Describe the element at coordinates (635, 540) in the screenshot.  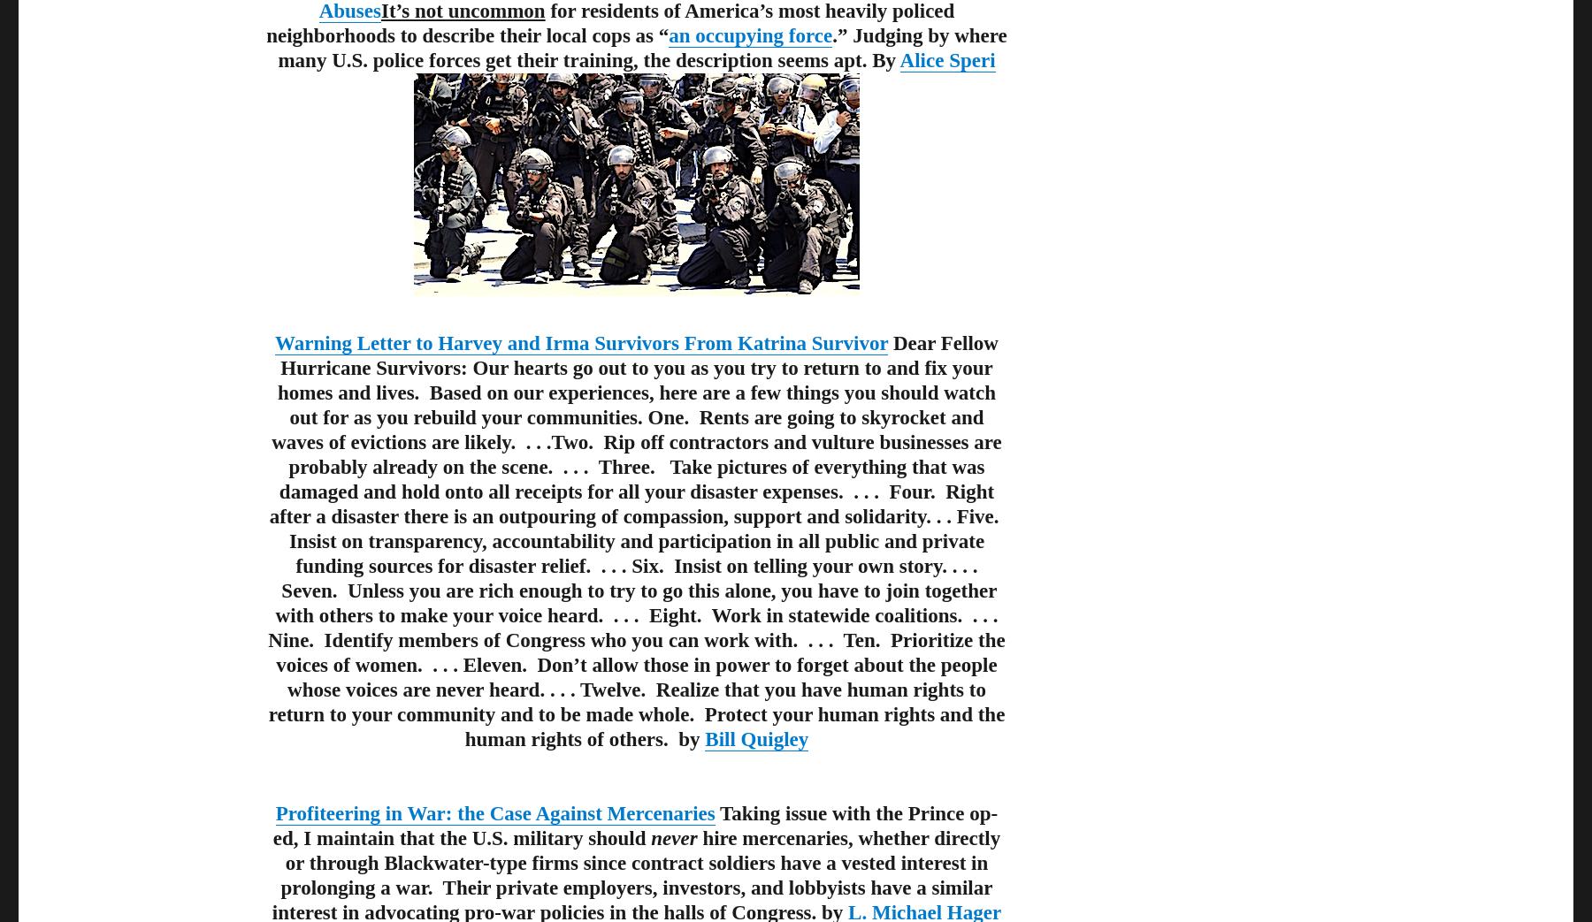
I see `'Dear Fellow Hurricane Survivors: Our hearts go out to you as you try to return to and fix your homes and lives.  Based on our experiences, here are a few things you should watch out for as you rebuild your communities. One.  Rents are going to skyrocket and waves of evictions are likely.  . . .Two.  Rip off contractors and vulture businesses are probably already on the scene.  . . .  Three.   Take pictures of everything that was damaged and hold onto all receipts for all your disaster expenses.  . . .  Four.  Right after a disaster there is an outpouring of compassion, support and solidarity. . . Five.  Insist on transparency, accountability and participation in all public and private funding sources for disaster relief.  . . . Six.  Insist on telling your own story. . . .  Seven.  Unless you are rich enough to try to go this alone, you have to join together with others to make your voice heard.  . . .  Eight.  Work in statewide coalitions.  . . . Nine.  Identify members of Congress who you can work with.  . . .  Ten.  Prioritize the voices of women.  . . . Eleven.  Don’t allow those in power to forget about the people whose voices are never heard. . . . Twelve.  Realize that you have human rights to return to your community and to be made whole.  Protect your human rights and the human rights of others.  by'` at that location.